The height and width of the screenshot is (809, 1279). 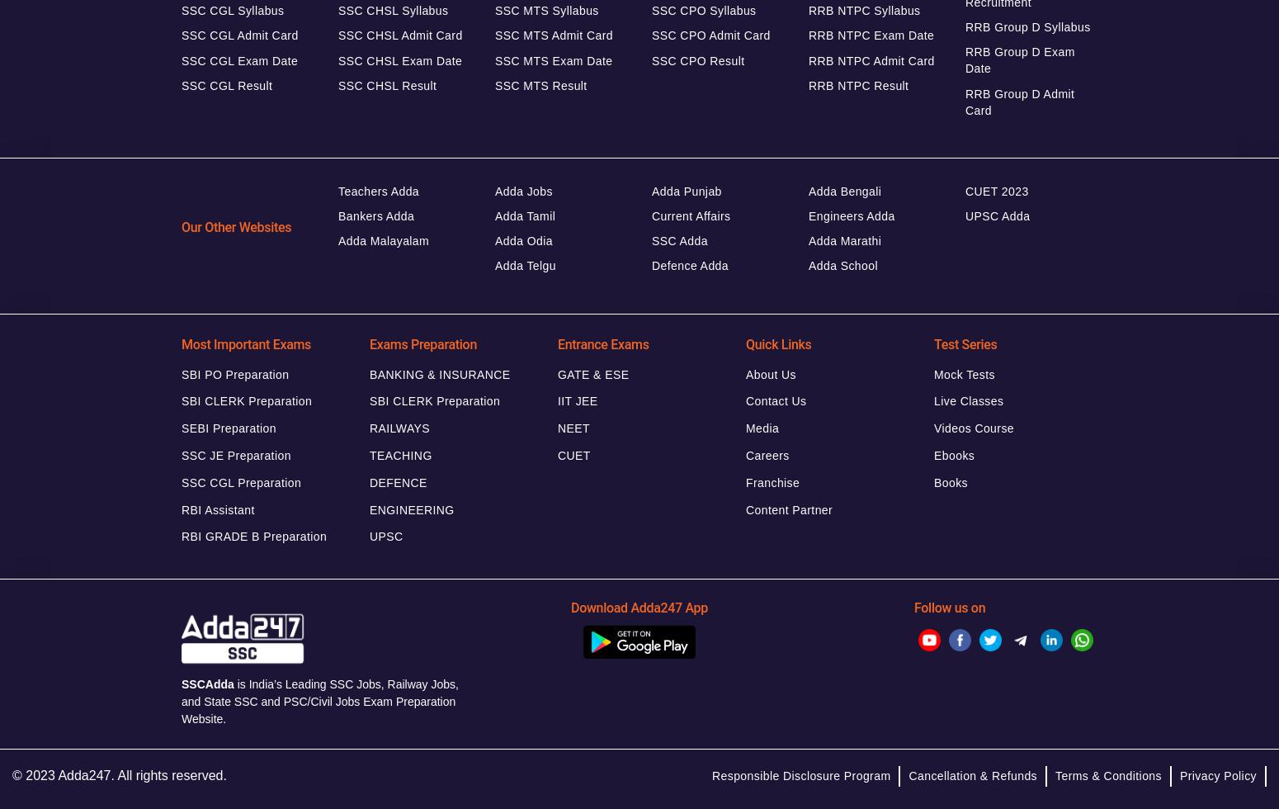 What do you see at coordinates (369, 373) in the screenshot?
I see `'BANKING & INSURANCE'` at bounding box center [369, 373].